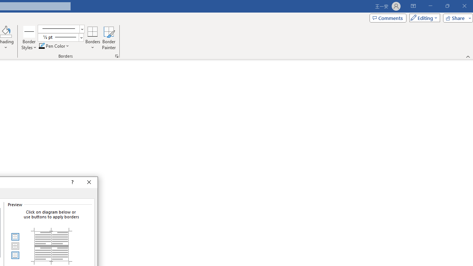  Describe the element at coordinates (387, 17) in the screenshot. I see `'Comments'` at that location.